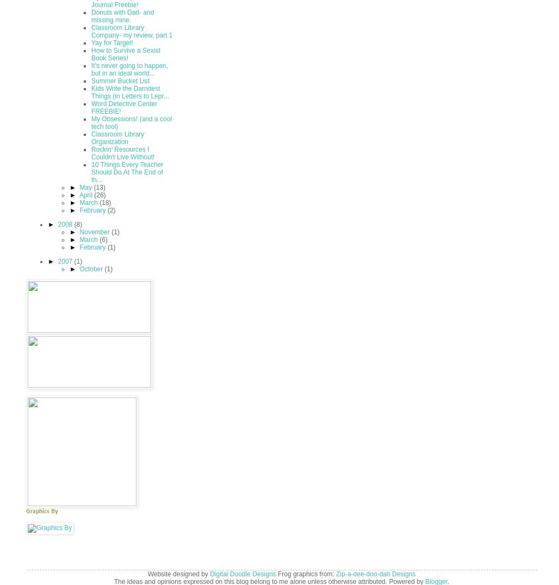 The image size is (559, 585). Describe the element at coordinates (86, 187) in the screenshot. I see `'May'` at that location.